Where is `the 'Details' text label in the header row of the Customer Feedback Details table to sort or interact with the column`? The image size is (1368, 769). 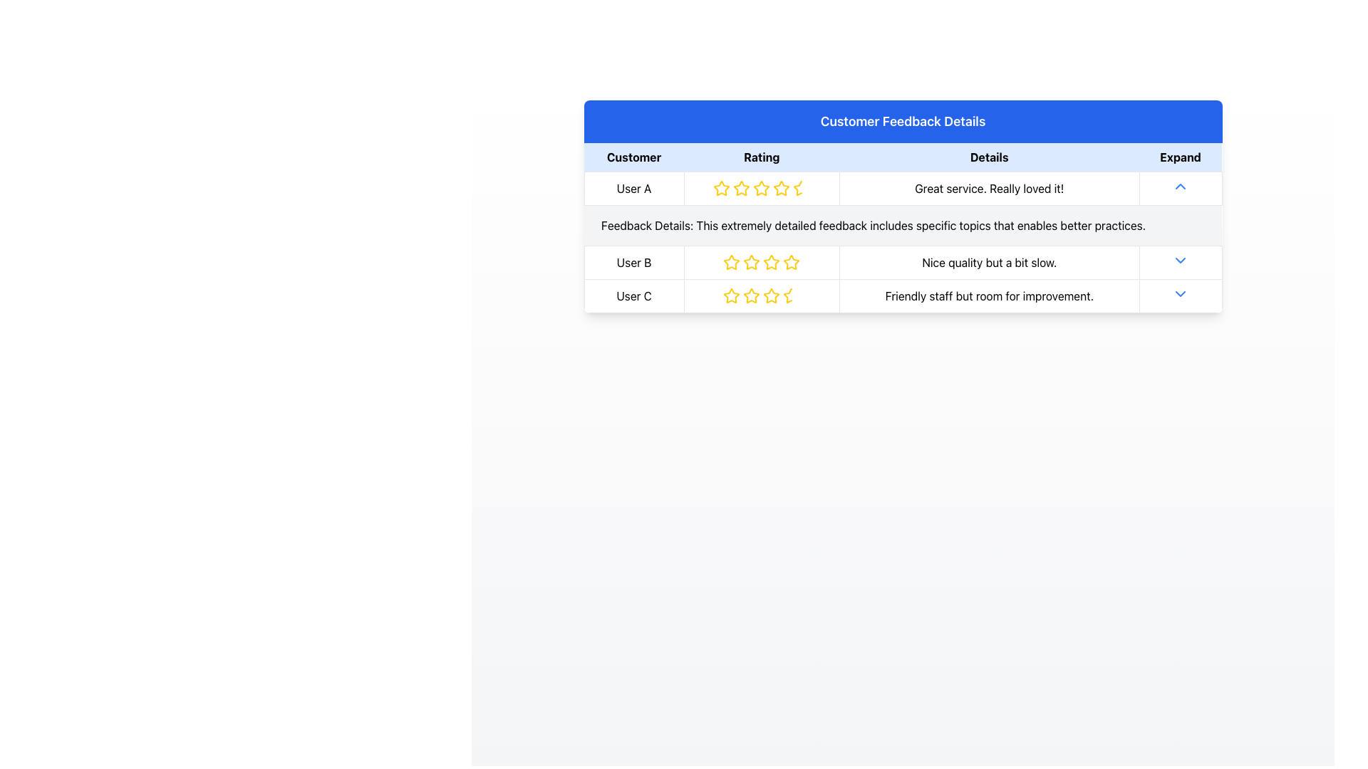
the 'Details' text label in the header row of the Customer Feedback Details table to sort or interact with the column is located at coordinates (988, 157).